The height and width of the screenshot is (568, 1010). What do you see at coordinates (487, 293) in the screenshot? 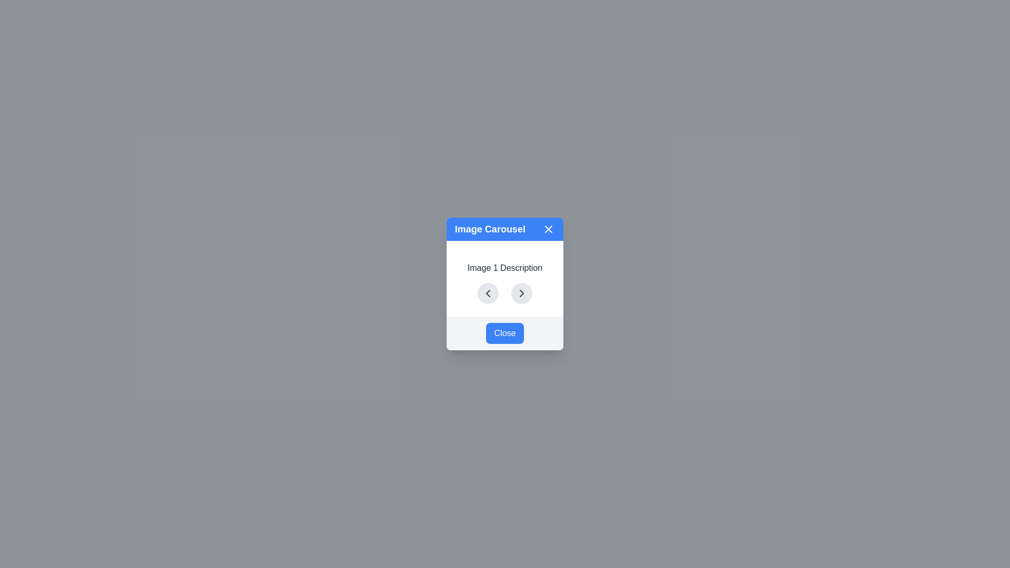
I see `the left-pointing navigation arrow icon inside the button in the 'Image Carousel' dialog` at bounding box center [487, 293].